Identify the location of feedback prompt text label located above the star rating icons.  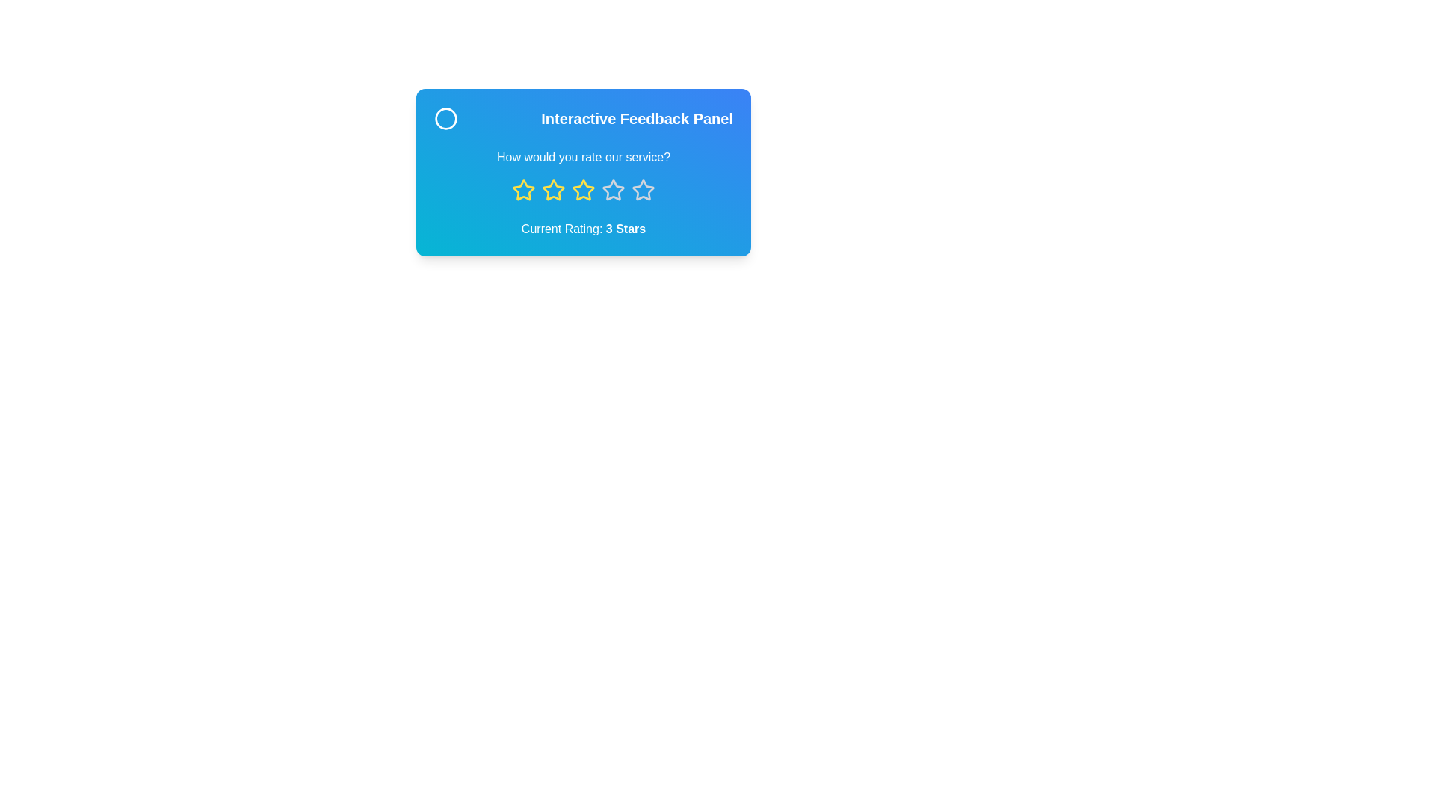
(583, 158).